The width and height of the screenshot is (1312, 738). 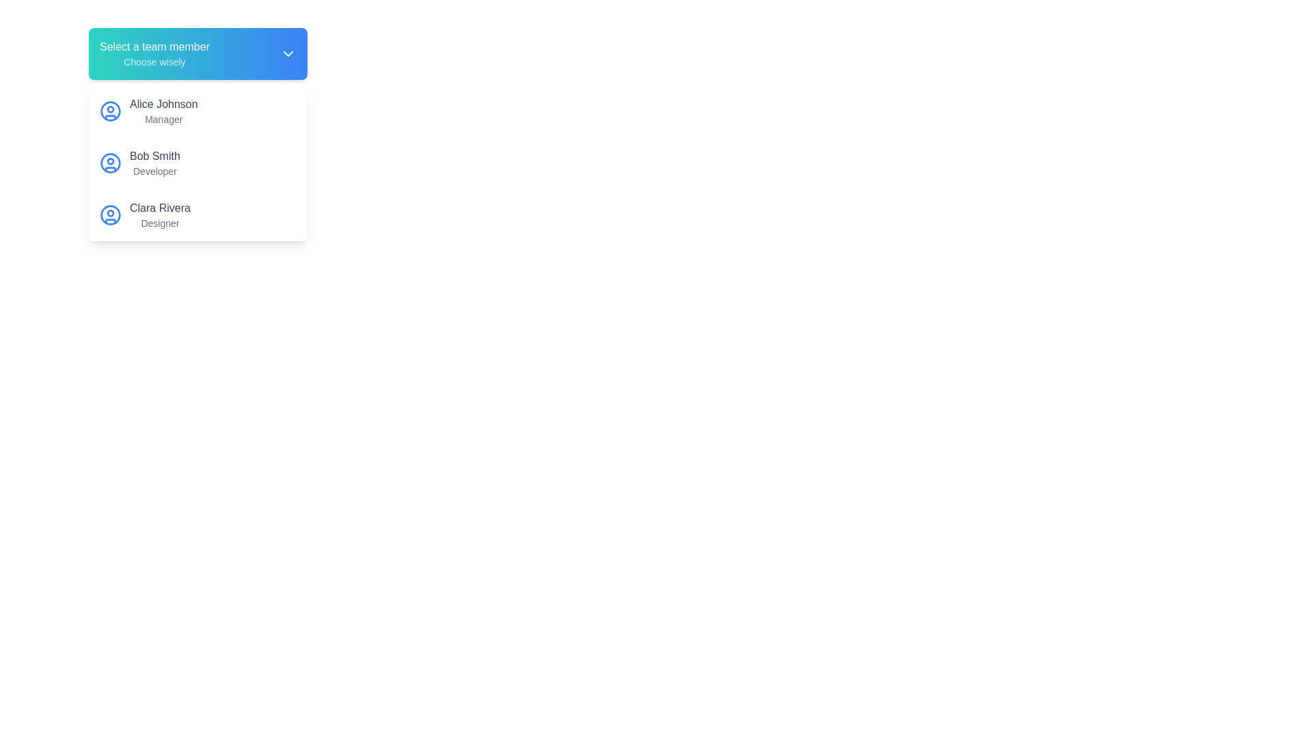 What do you see at coordinates (111, 215) in the screenshot?
I see `the circular blue icon representing a user profile located to the left of 'Clara Rivera' and 'Designer' for interaction` at bounding box center [111, 215].